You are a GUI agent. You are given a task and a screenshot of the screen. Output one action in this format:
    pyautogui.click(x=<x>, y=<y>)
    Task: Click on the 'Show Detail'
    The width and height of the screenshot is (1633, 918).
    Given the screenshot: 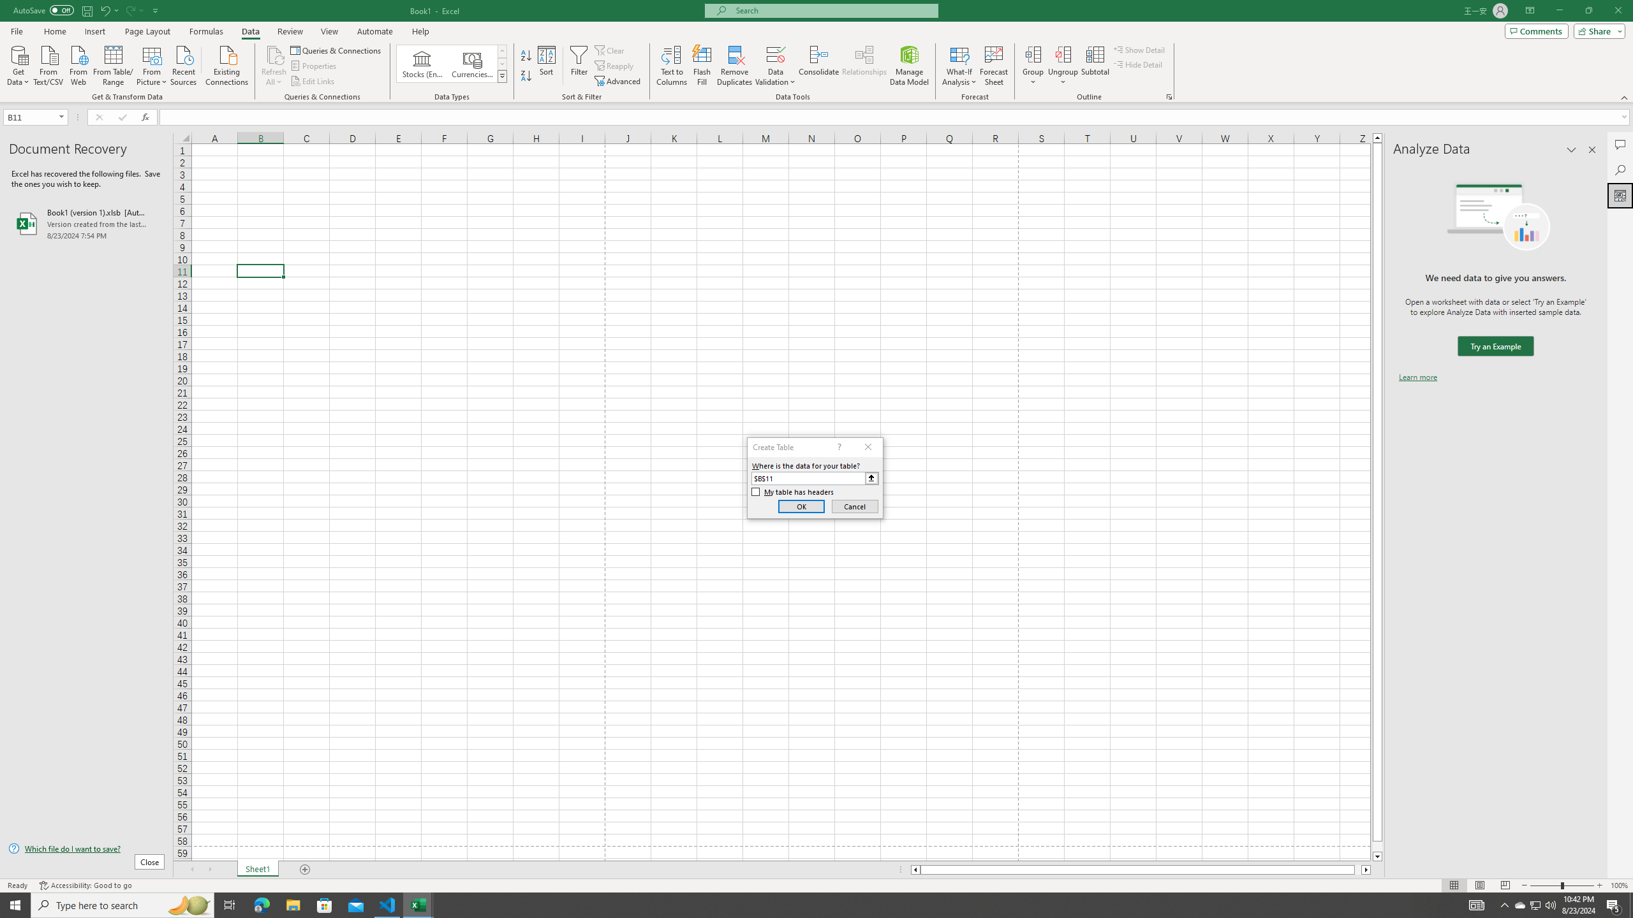 What is the action you would take?
    pyautogui.click(x=1139, y=49)
    